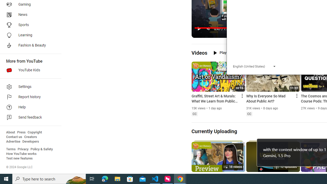 Image resolution: width=327 pixels, height=184 pixels. I want to click on 'Type here to search', so click(49, 178).